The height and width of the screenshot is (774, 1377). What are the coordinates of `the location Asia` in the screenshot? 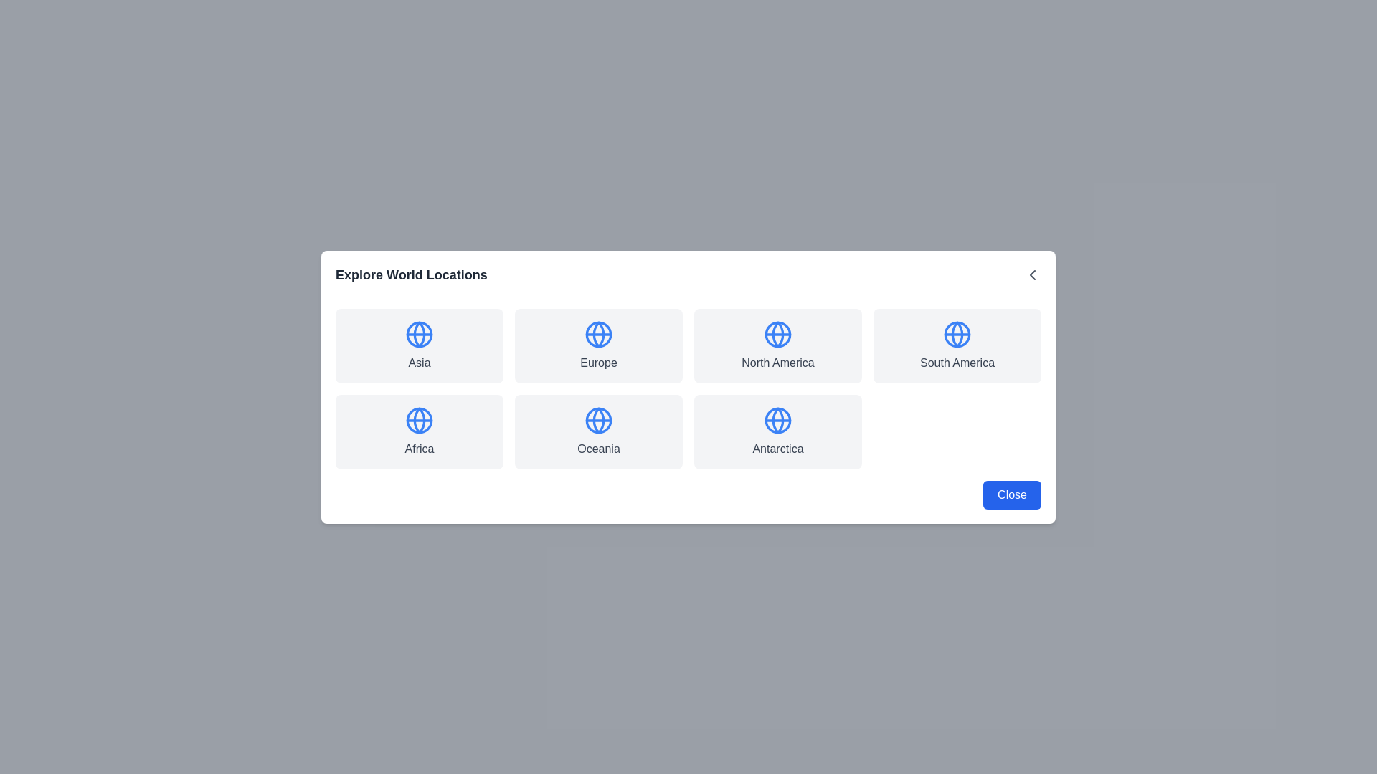 It's located at (419, 345).